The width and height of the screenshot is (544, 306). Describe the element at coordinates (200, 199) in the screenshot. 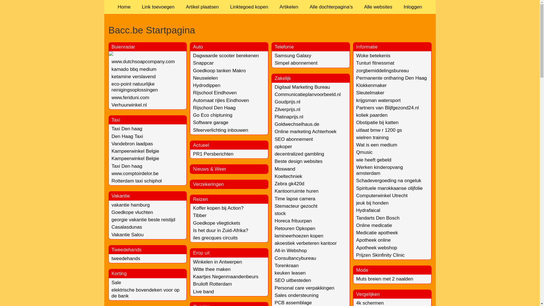

I see `'Reizen'` at that location.